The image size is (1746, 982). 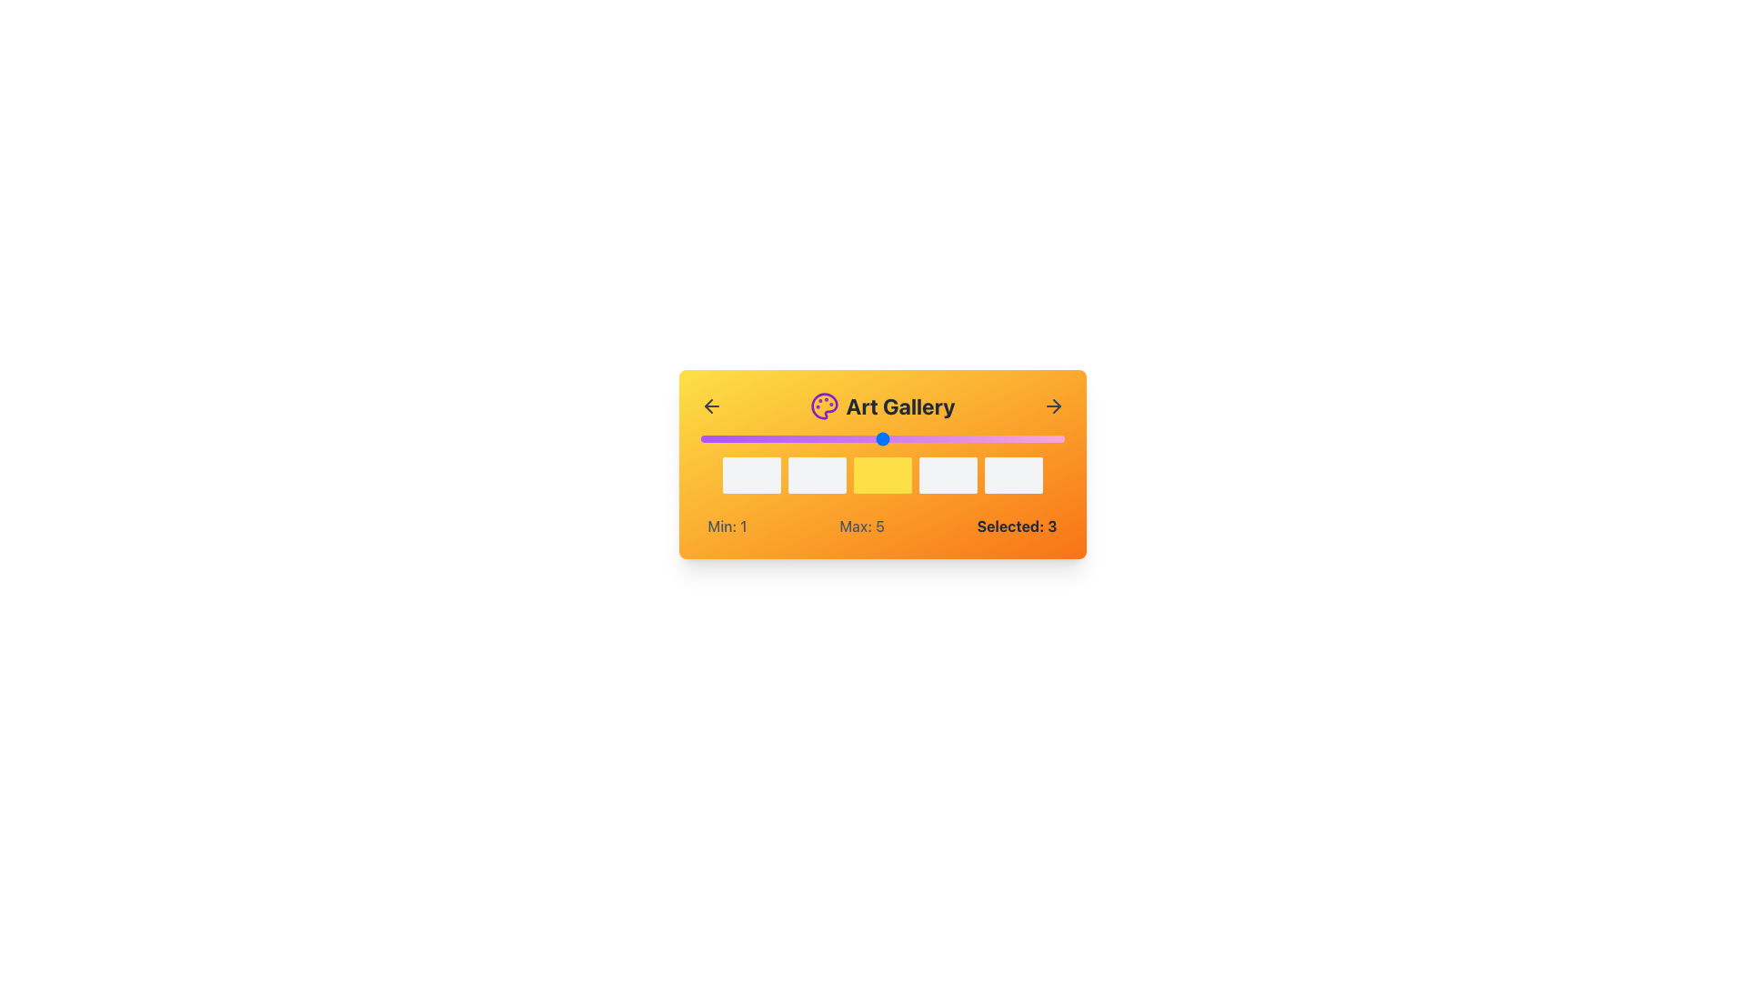 I want to click on the slider, so click(x=791, y=438).